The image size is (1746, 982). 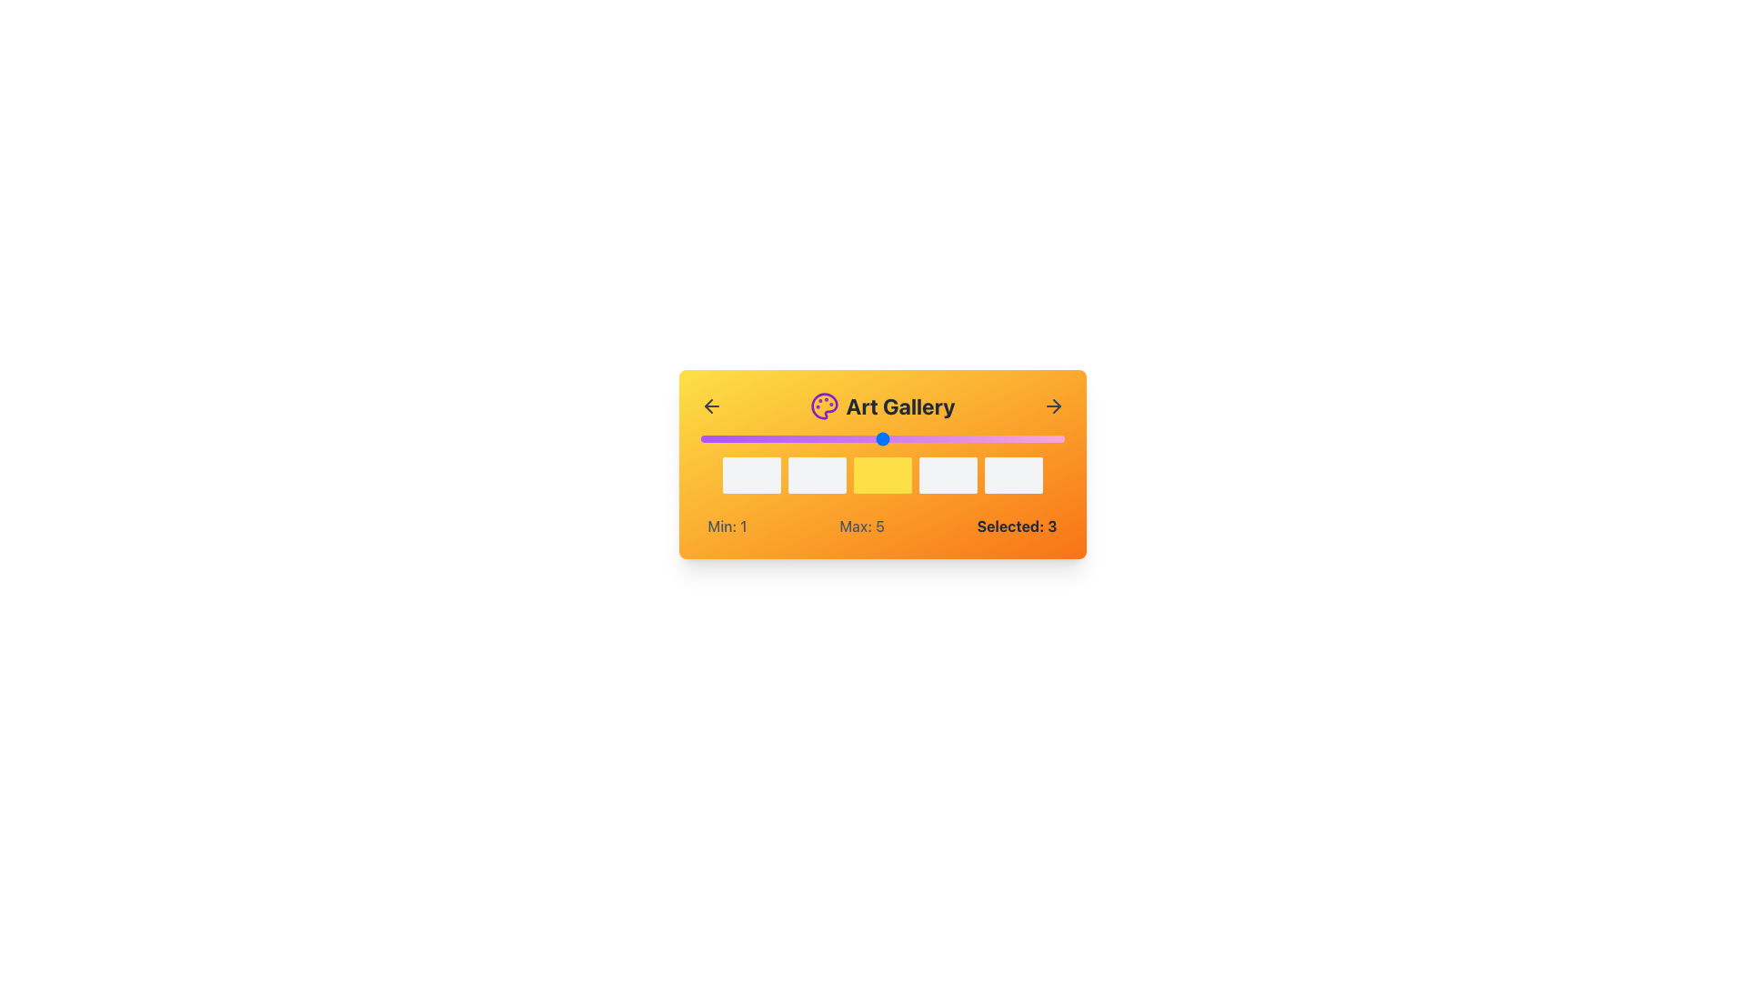 I want to click on the slider, so click(x=791, y=438).